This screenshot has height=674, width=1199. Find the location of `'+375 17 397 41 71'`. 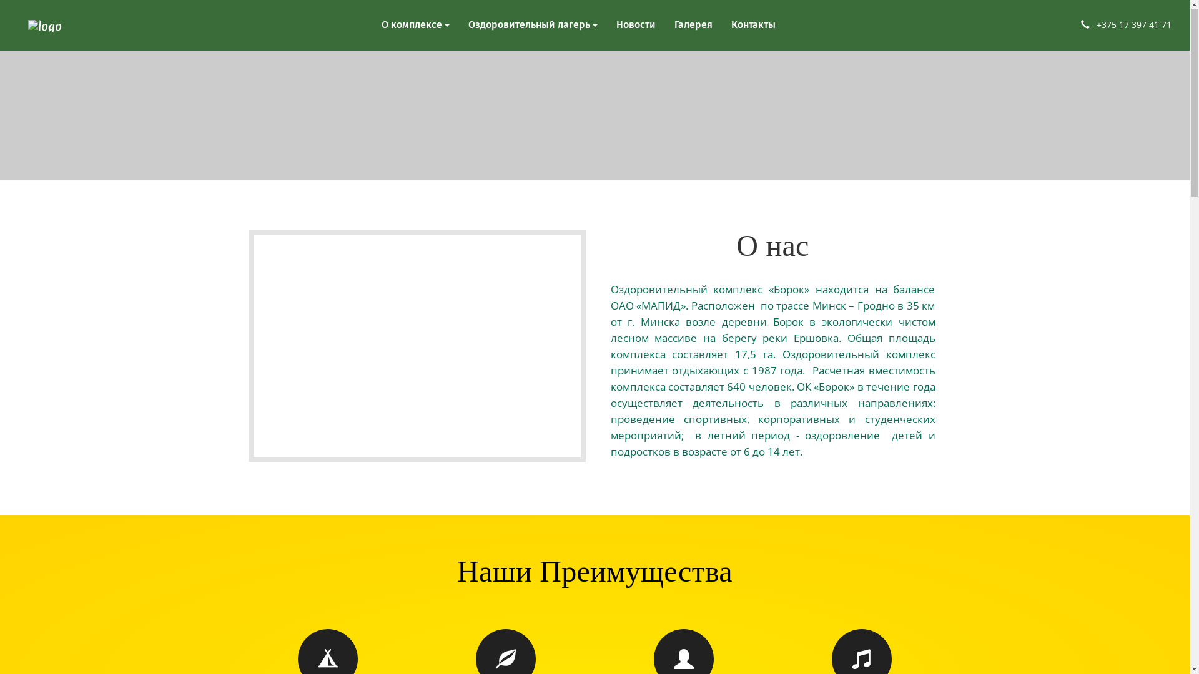

'+375 17 397 41 71' is located at coordinates (1133, 25).